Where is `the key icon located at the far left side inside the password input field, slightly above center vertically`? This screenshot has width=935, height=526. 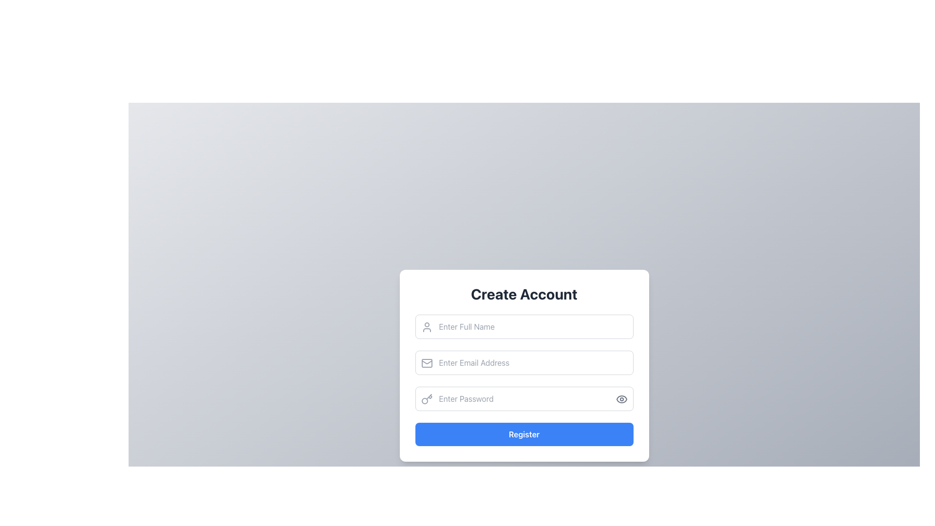 the key icon located at the far left side inside the password input field, slightly above center vertically is located at coordinates (427, 399).